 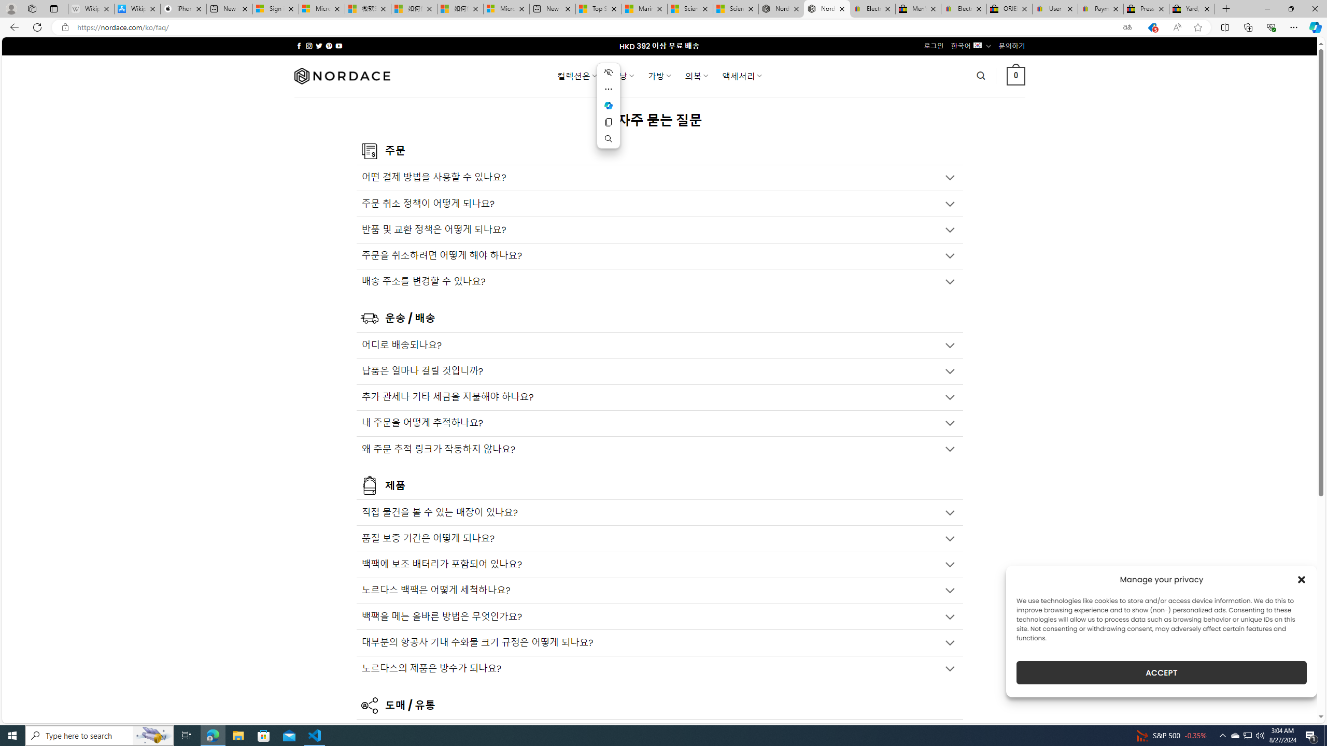 I want to click on 'ACCEPT', so click(x=1162, y=672).